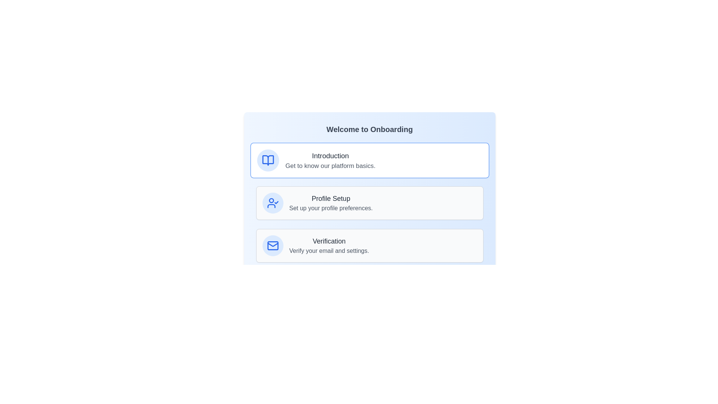 This screenshot has width=718, height=404. Describe the element at coordinates (330, 160) in the screenshot. I see `the introductory text element within the onboarding card located below the 'Welcome to Onboarding' header` at that location.